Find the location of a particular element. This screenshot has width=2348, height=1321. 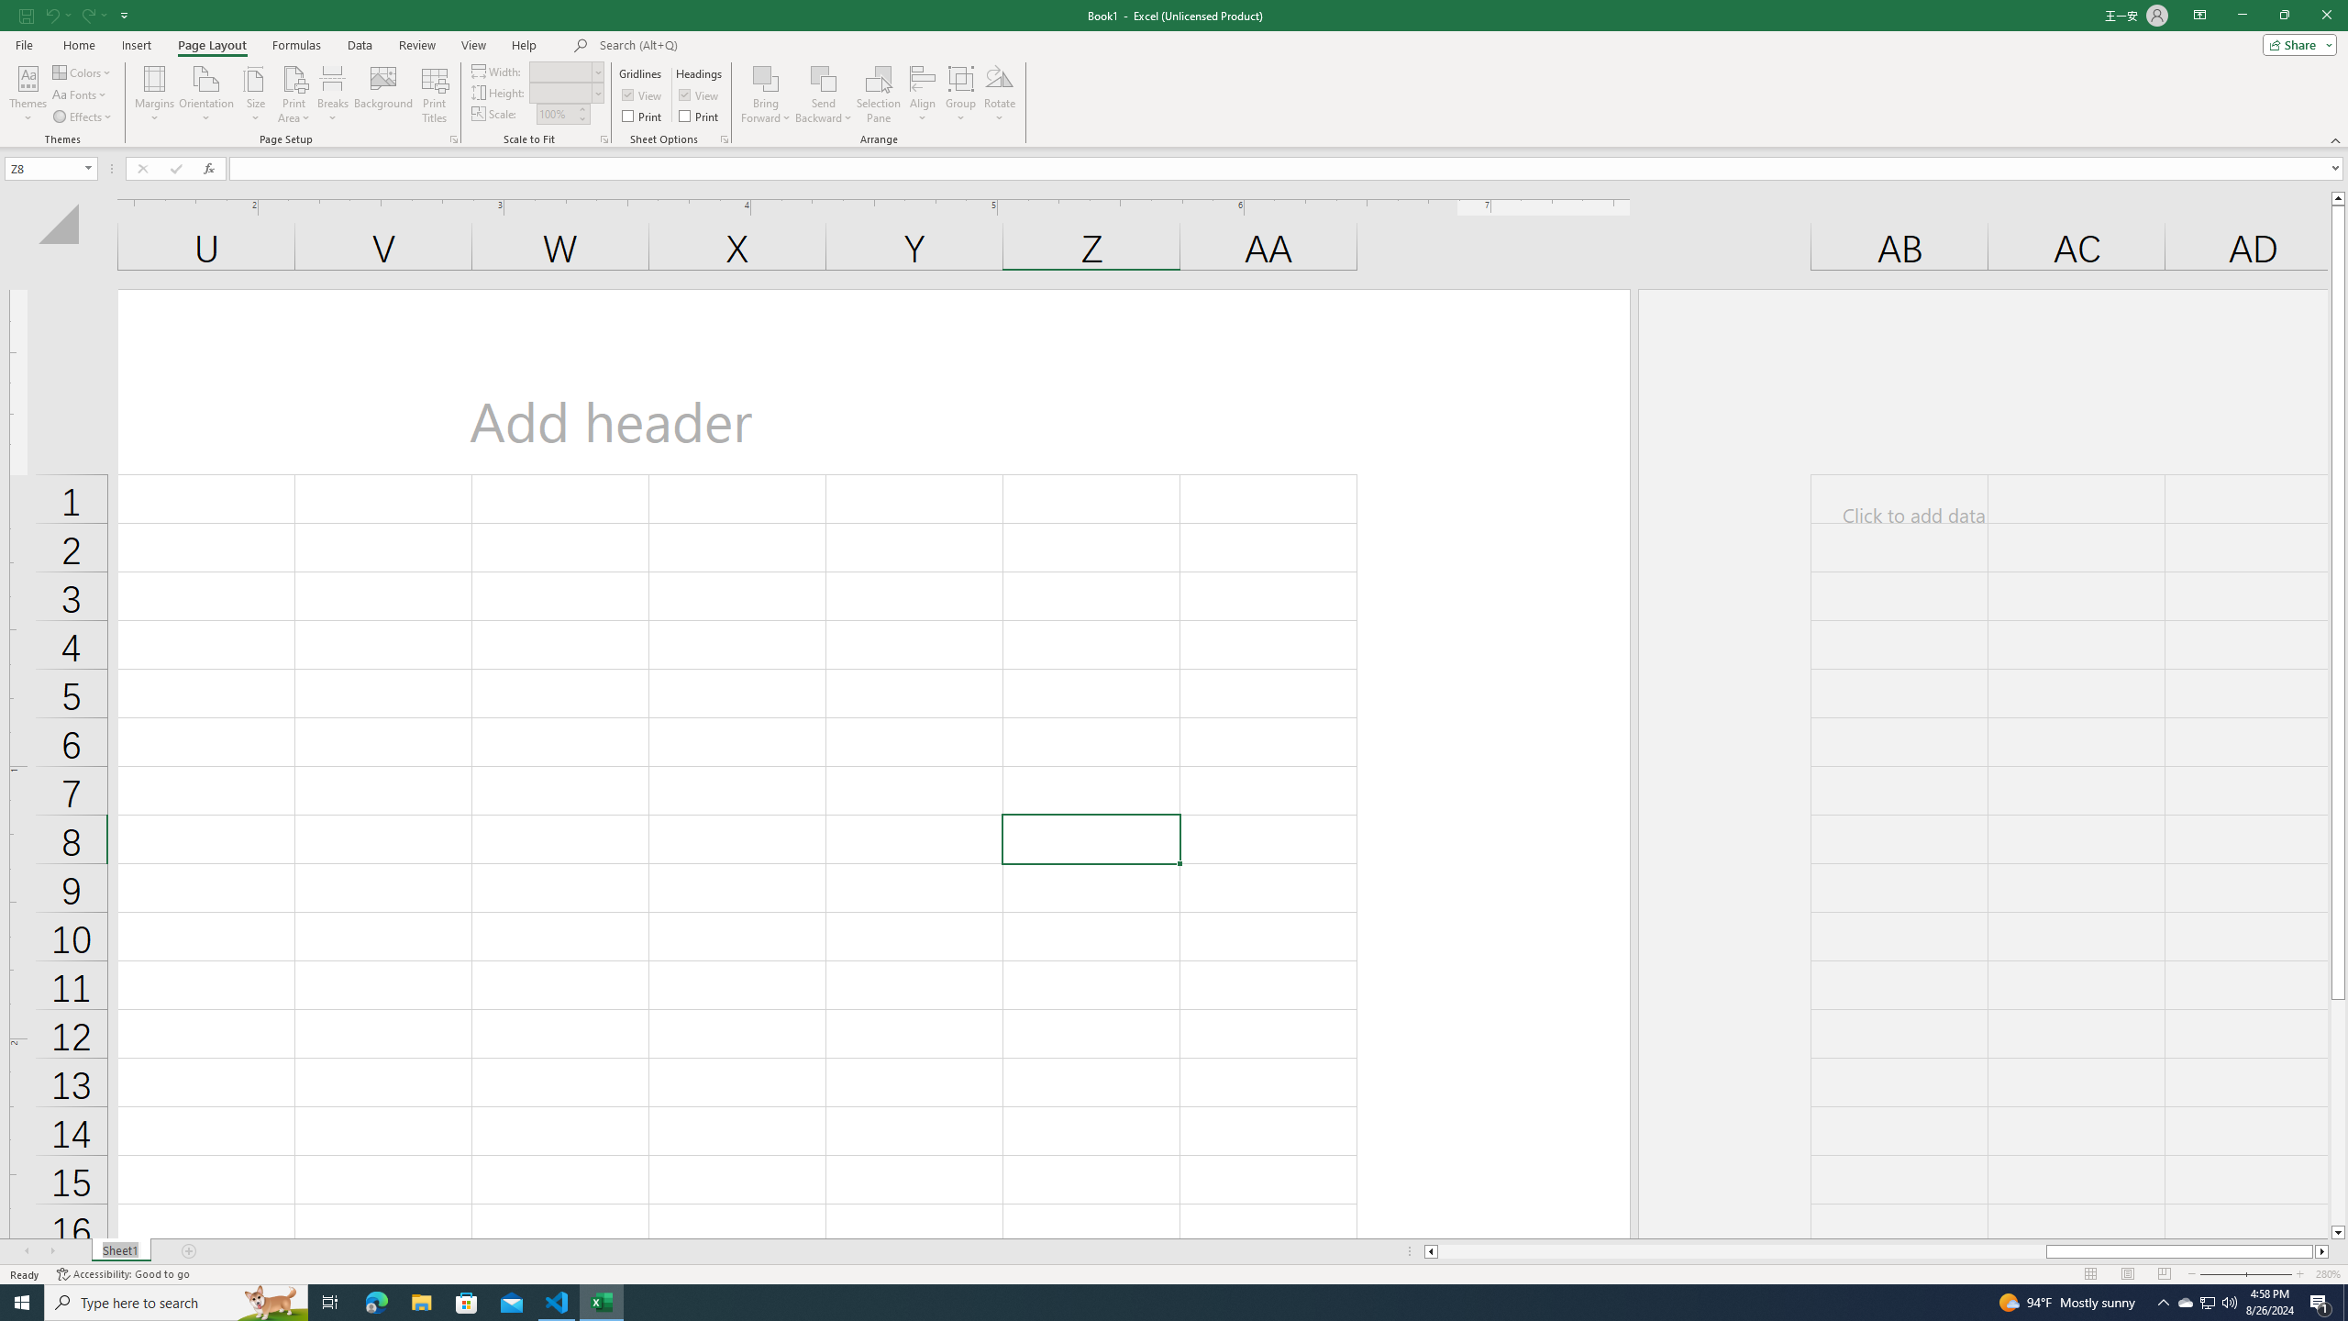

'Colors' is located at coordinates (82, 72).